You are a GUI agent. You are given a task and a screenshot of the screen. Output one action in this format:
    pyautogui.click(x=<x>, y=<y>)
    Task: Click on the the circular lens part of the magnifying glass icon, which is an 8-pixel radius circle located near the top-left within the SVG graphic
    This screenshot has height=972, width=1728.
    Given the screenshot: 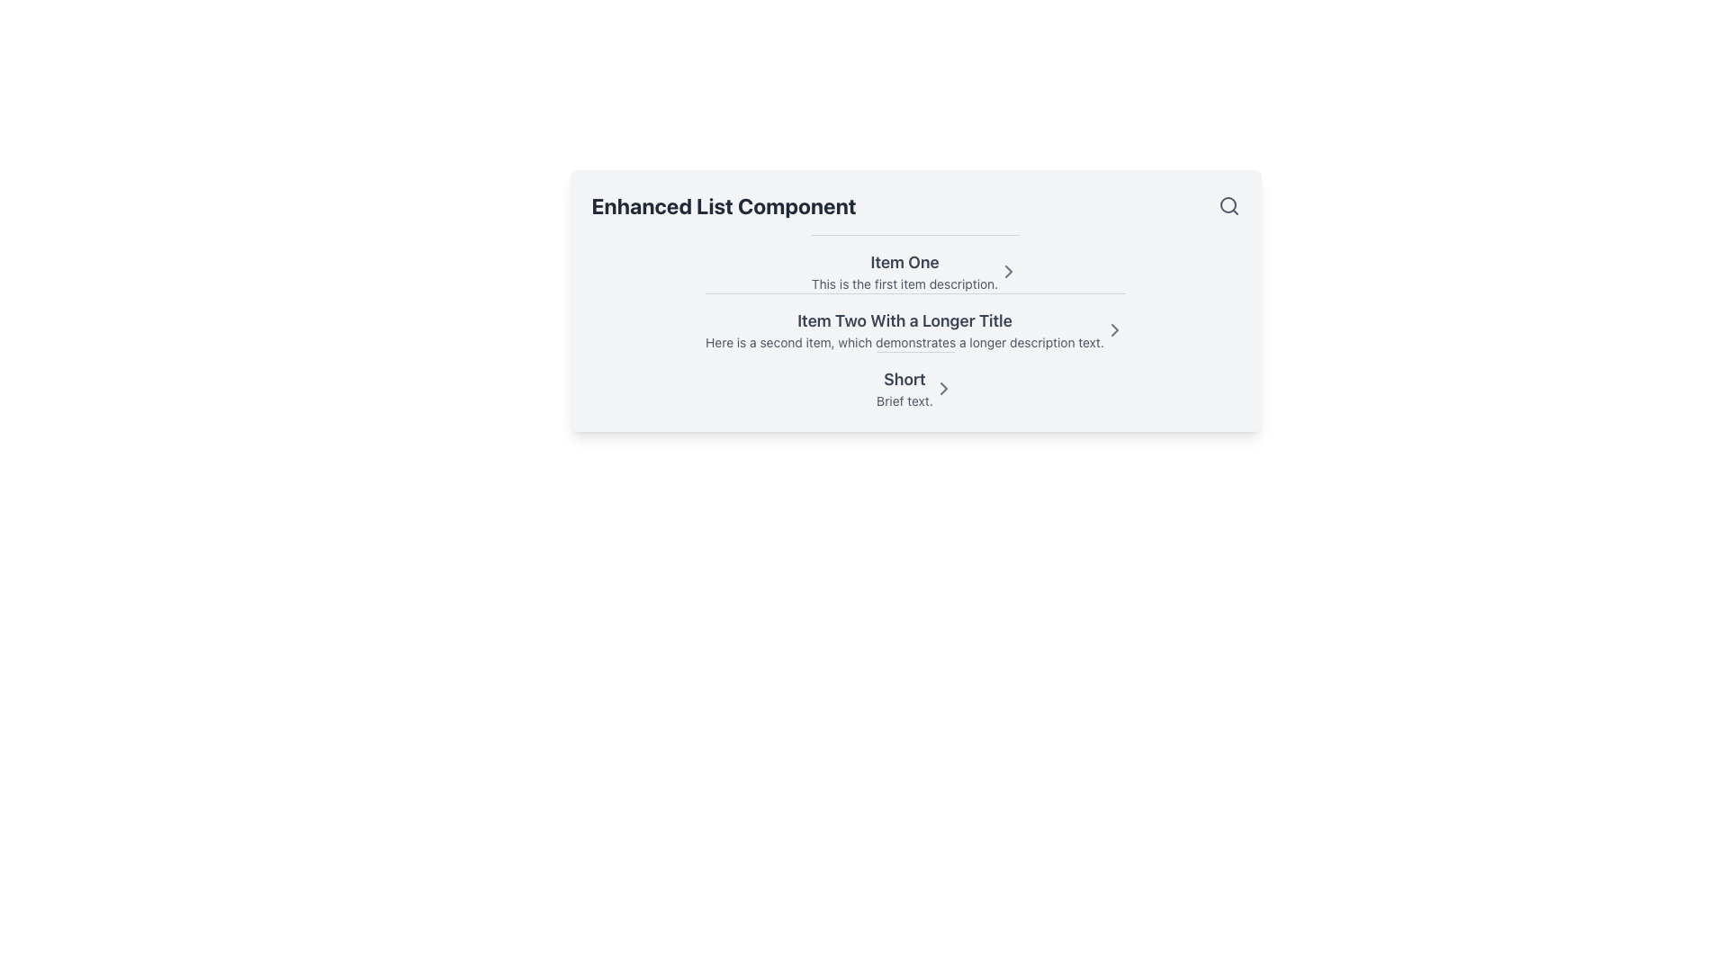 What is the action you would take?
    pyautogui.click(x=1227, y=203)
    